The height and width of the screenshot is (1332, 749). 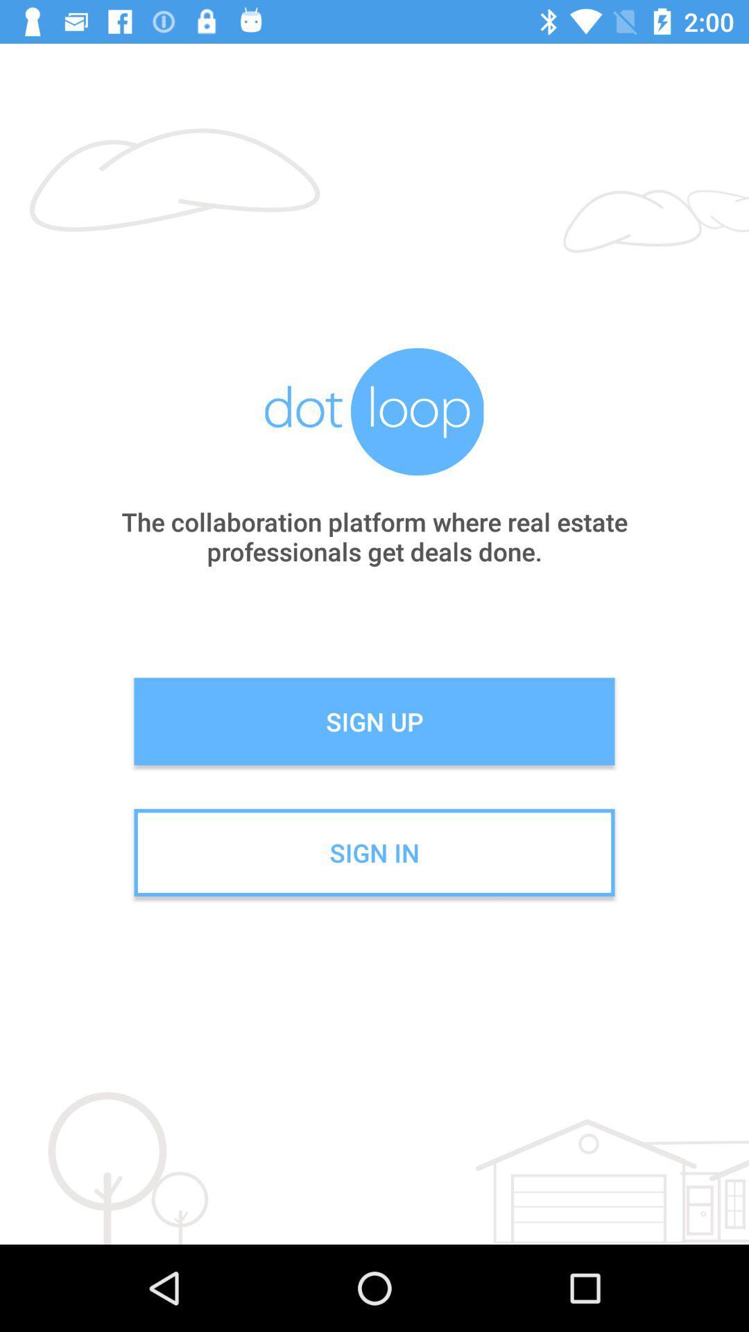 What do you see at coordinates (374, 721) in the screenshot?
I see `item below the collaboration platform` at bounding box center [374, 721].